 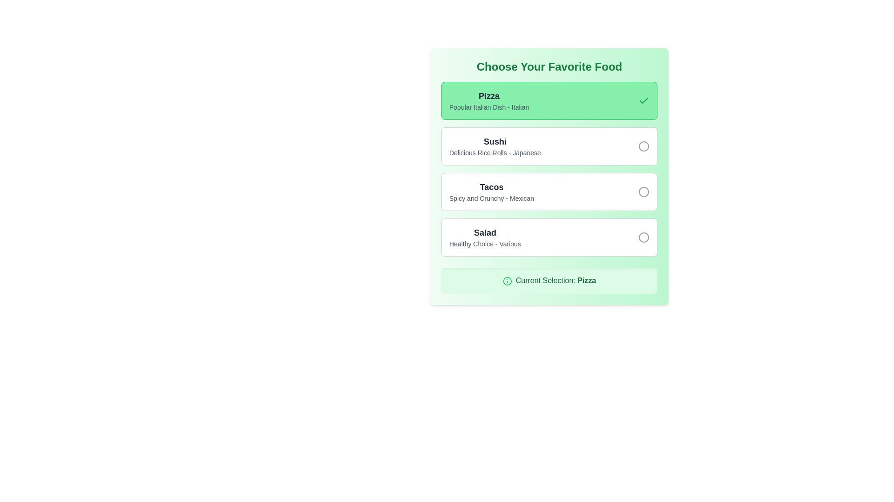 I want to click on the 'Sushi' option in the menu selection list, which is the second item in a card-like interface positioned between 'Pizza' and 'Tacos', so click(x=494, y=146).